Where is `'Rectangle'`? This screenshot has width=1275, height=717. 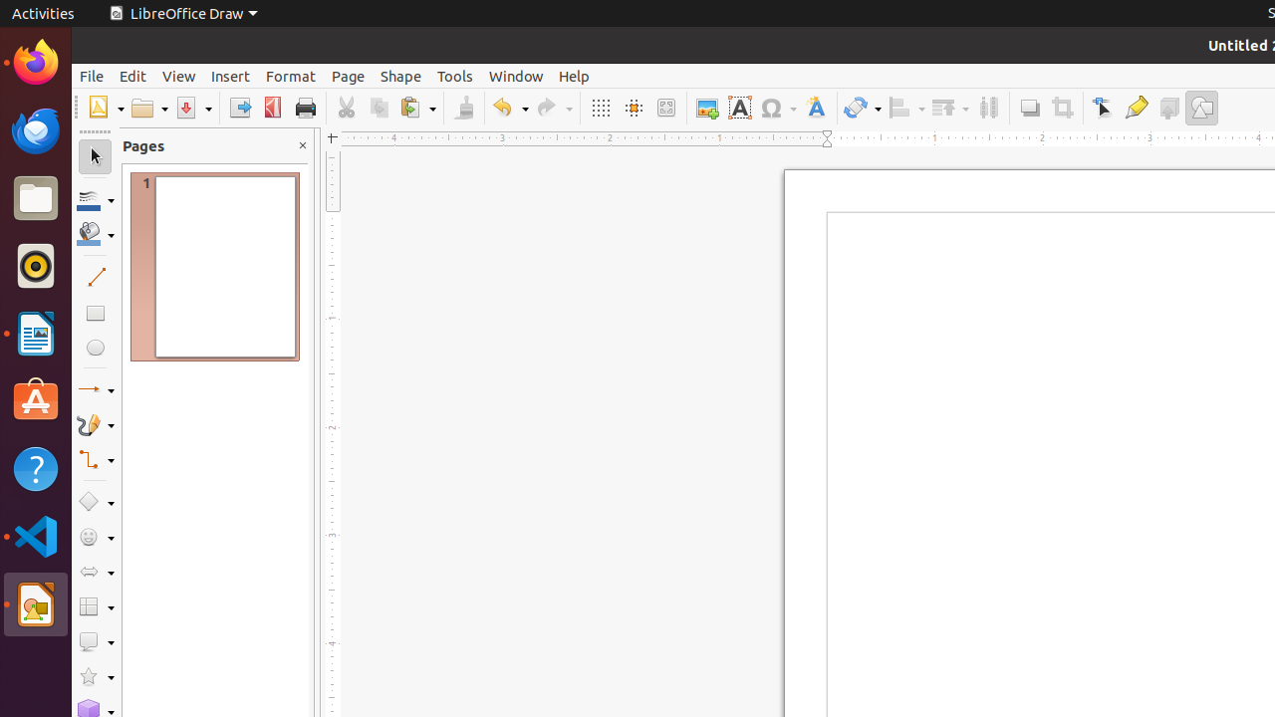 'Rectangle' is located at coordinates (94, 312).